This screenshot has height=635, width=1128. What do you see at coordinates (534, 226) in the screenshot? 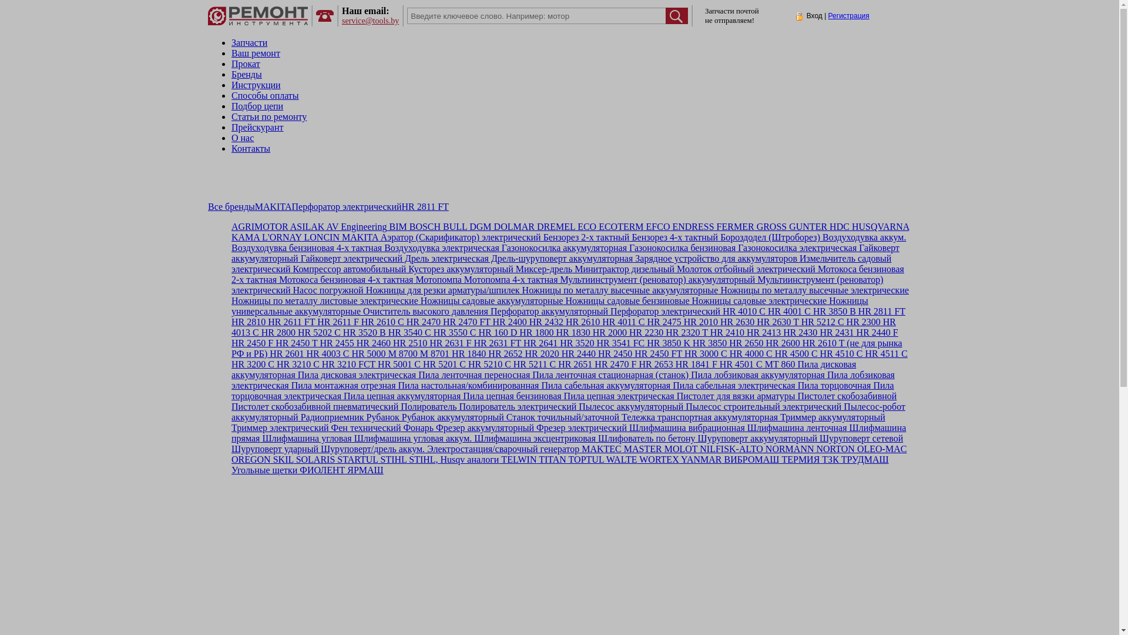
I see `'DREMEL'` at bounding box center [534, 226].